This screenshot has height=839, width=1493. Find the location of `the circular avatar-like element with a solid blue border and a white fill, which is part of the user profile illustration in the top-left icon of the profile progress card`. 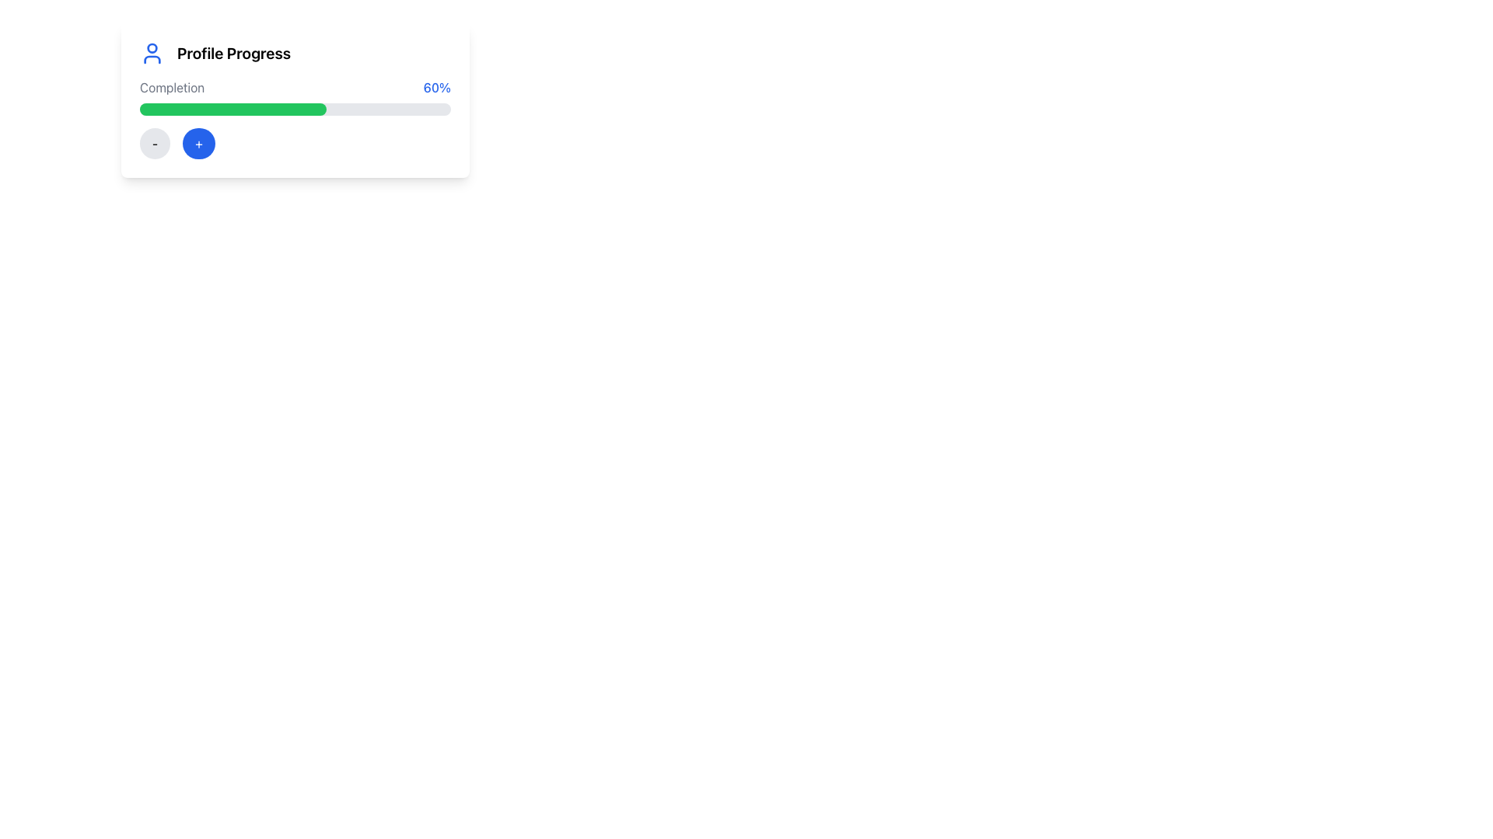

the circular avatar-like element with a solid blue border and a white fill, which is part of the user profile illustration in the top-left icon of the profile progress card is located at coordinates (152, 47).